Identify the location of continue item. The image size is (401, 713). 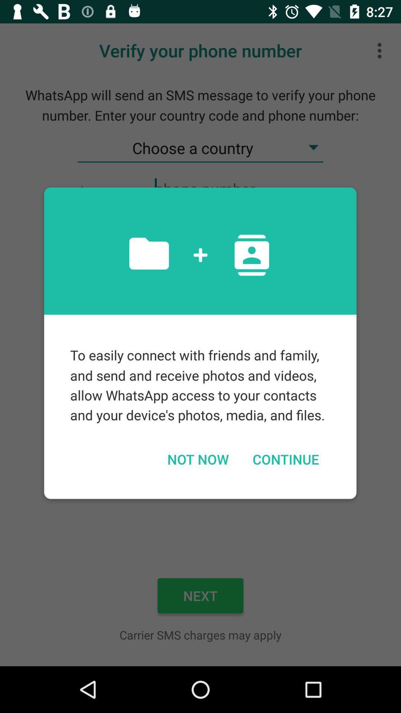
(285, 459).